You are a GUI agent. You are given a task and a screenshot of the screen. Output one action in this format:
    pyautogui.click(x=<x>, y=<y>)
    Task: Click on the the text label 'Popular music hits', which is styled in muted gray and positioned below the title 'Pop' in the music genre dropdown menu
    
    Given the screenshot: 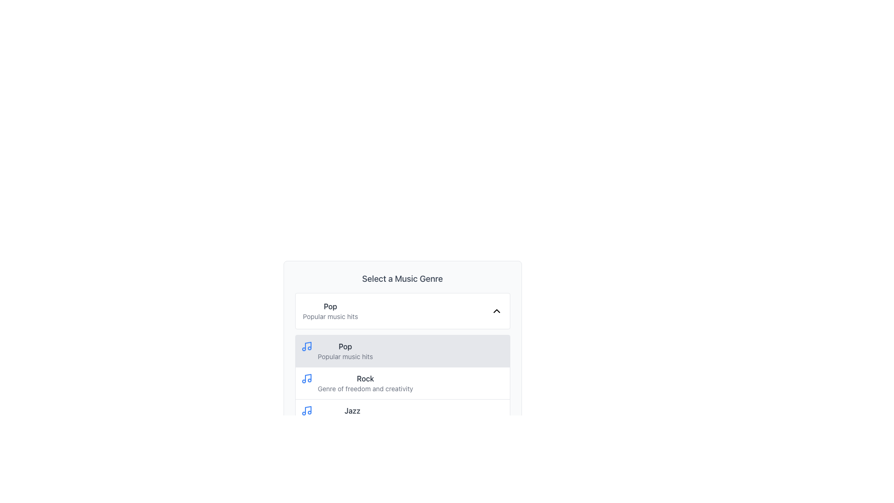 What is the action you would take?
    pyautogui.click(x=345, y=356)
    